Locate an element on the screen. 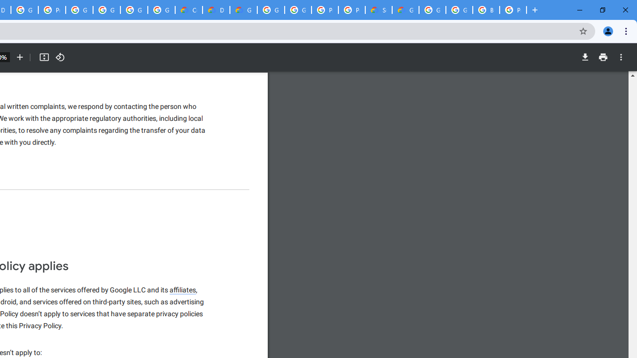 Image resolution: width=637 pixels, height=358 pixels. 'Support Hub | Google Cloud' is located at coordinates (378, 10).